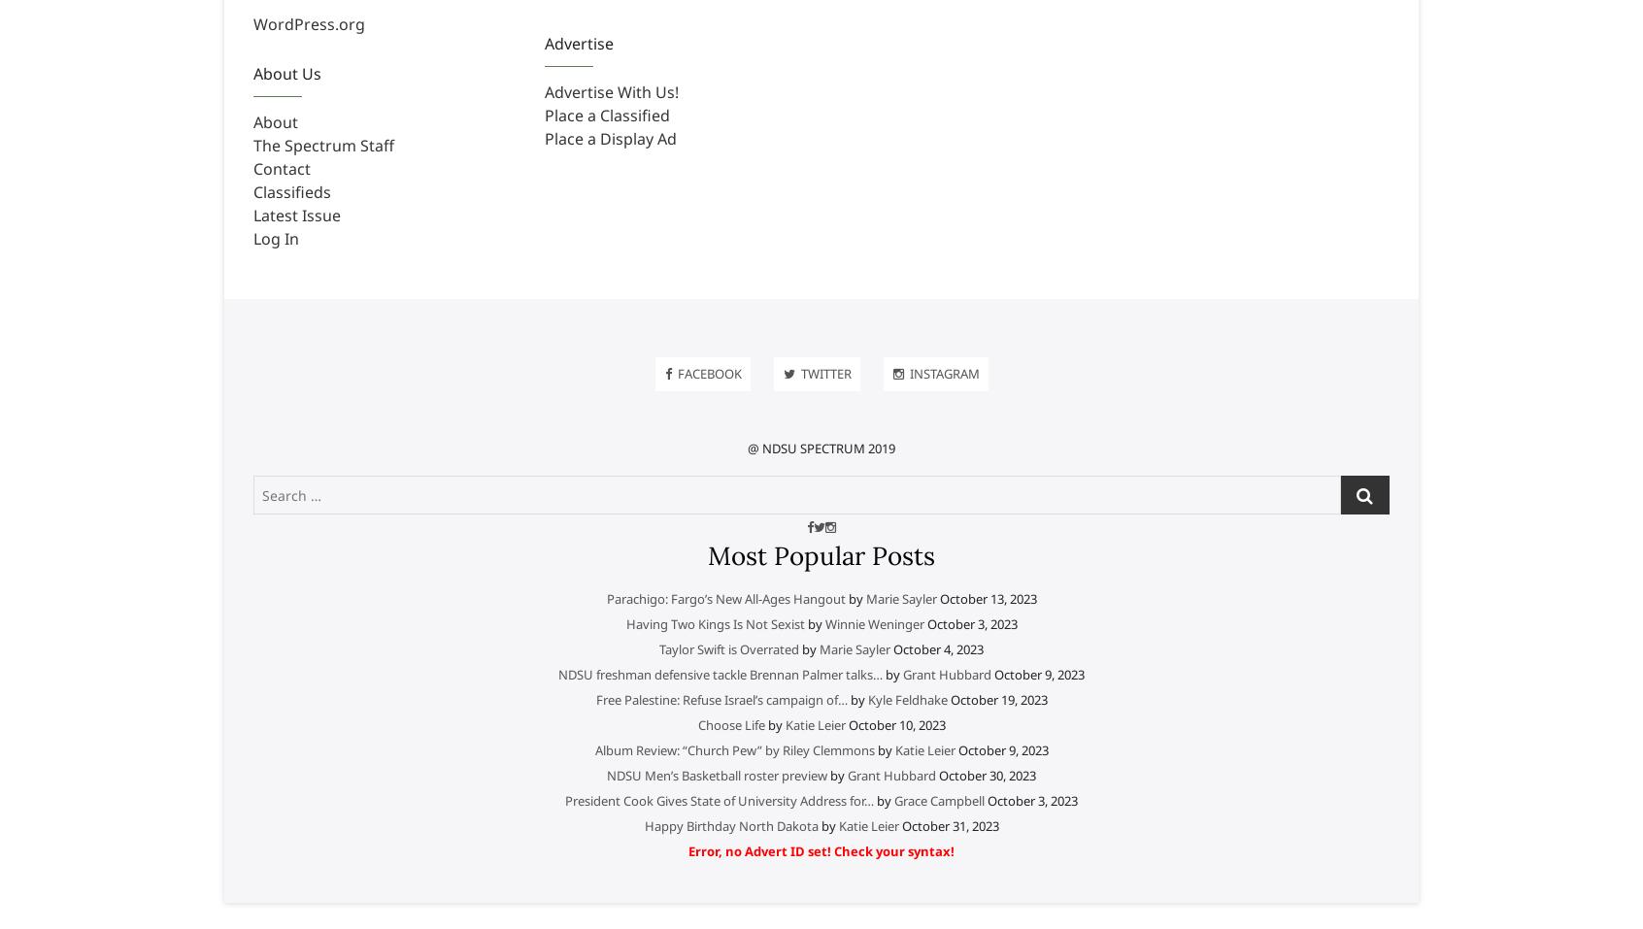  I want to click on 'Advertise With Us!', so click(610, 91).